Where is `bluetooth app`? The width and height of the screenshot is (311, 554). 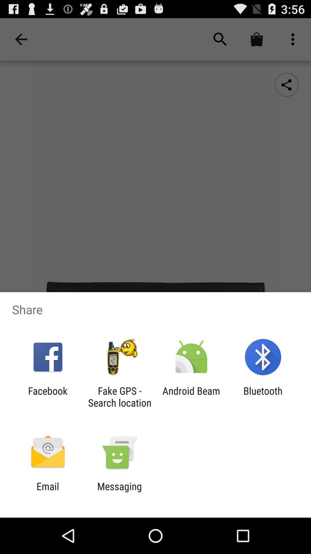
bluetooth app is located at coordinates (263, 396).